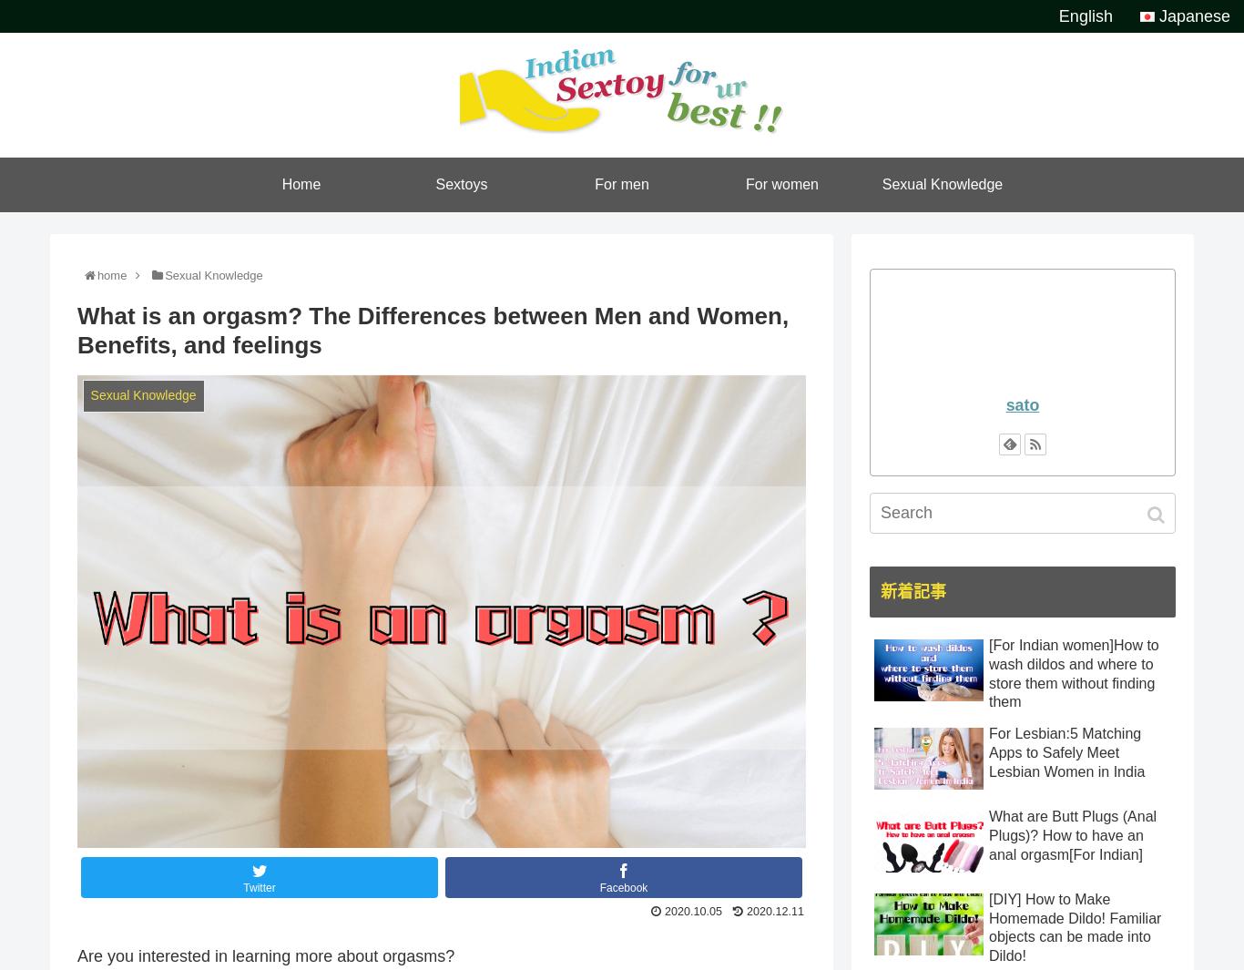 This screenshot has width=1244, height=970. What do you see at coordinates (259, 887) in the screenshot?
I see `'Twitter'` at bounding box center [259, 887].